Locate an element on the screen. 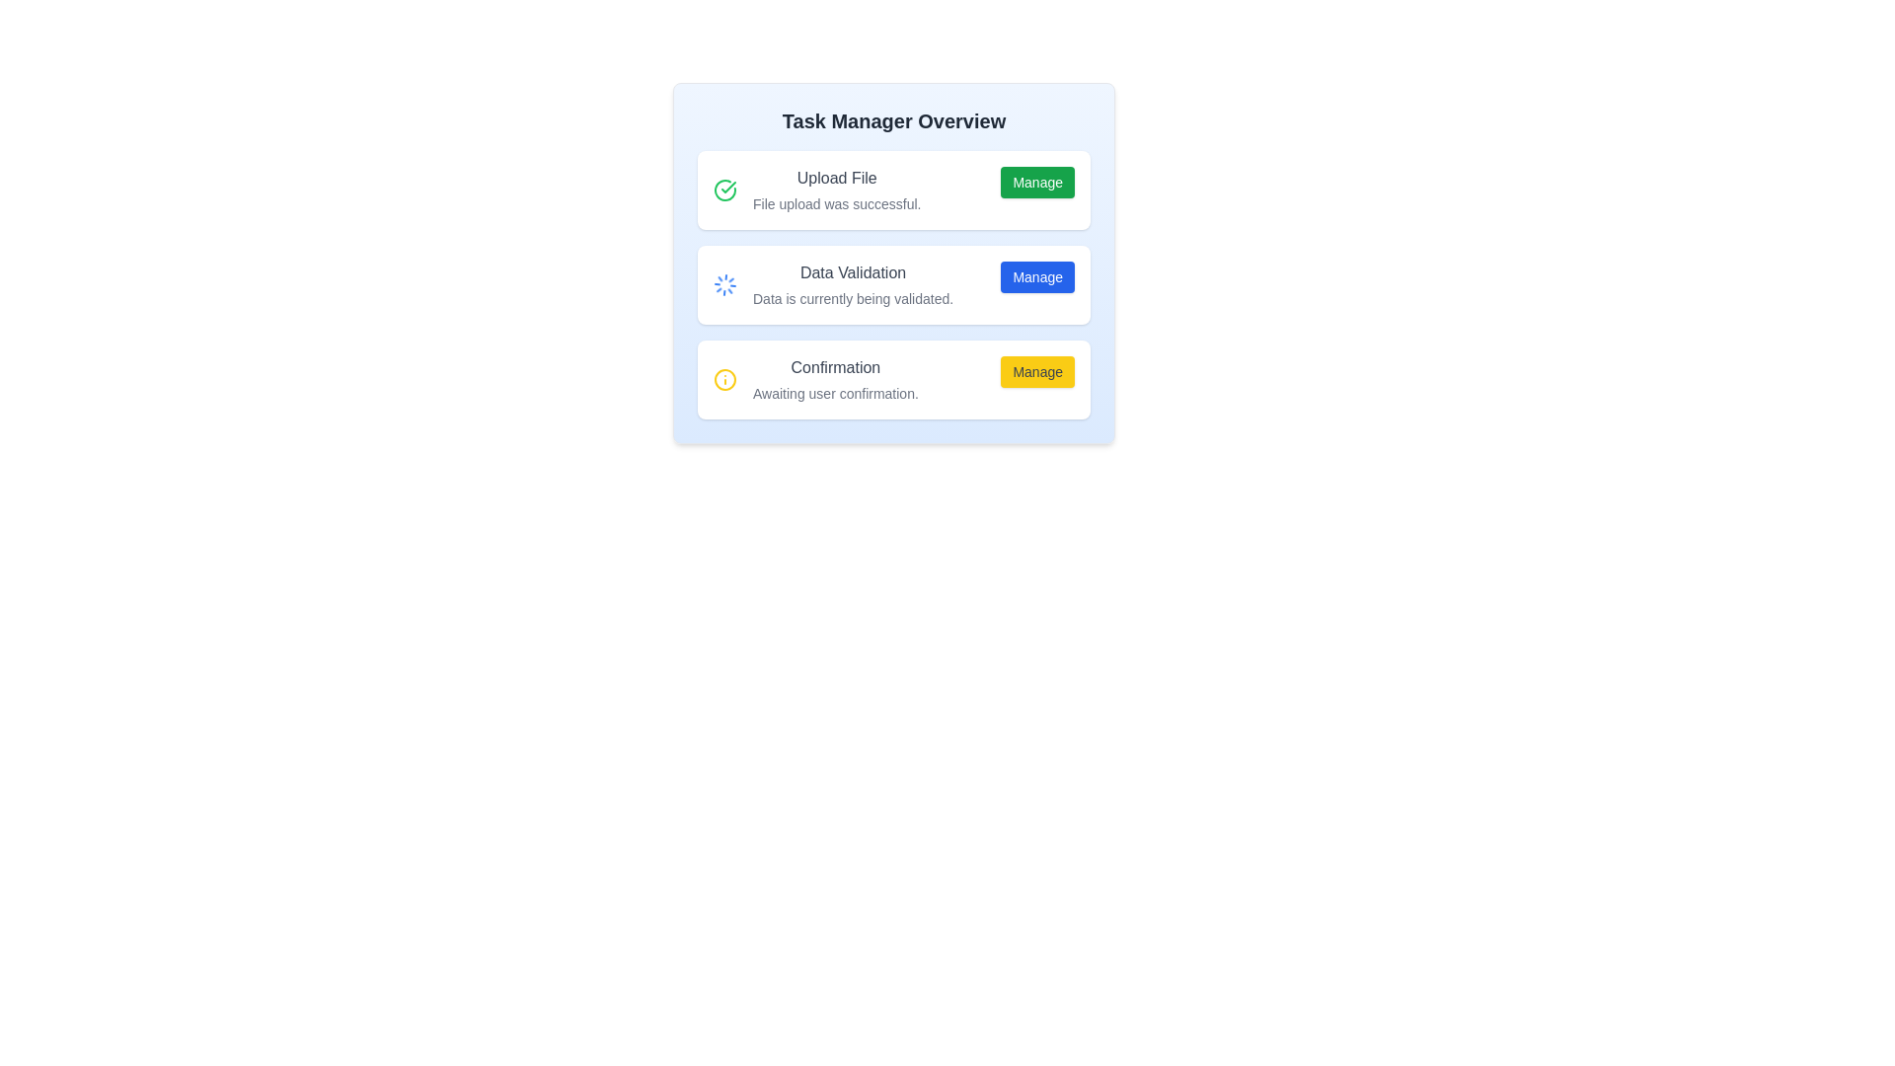 The width and height of the screenshot is (1895, 1066). the text label in the 'Confirmation' section that indicates user confirmation is awaited for this task is located at coordinates (835, 380).